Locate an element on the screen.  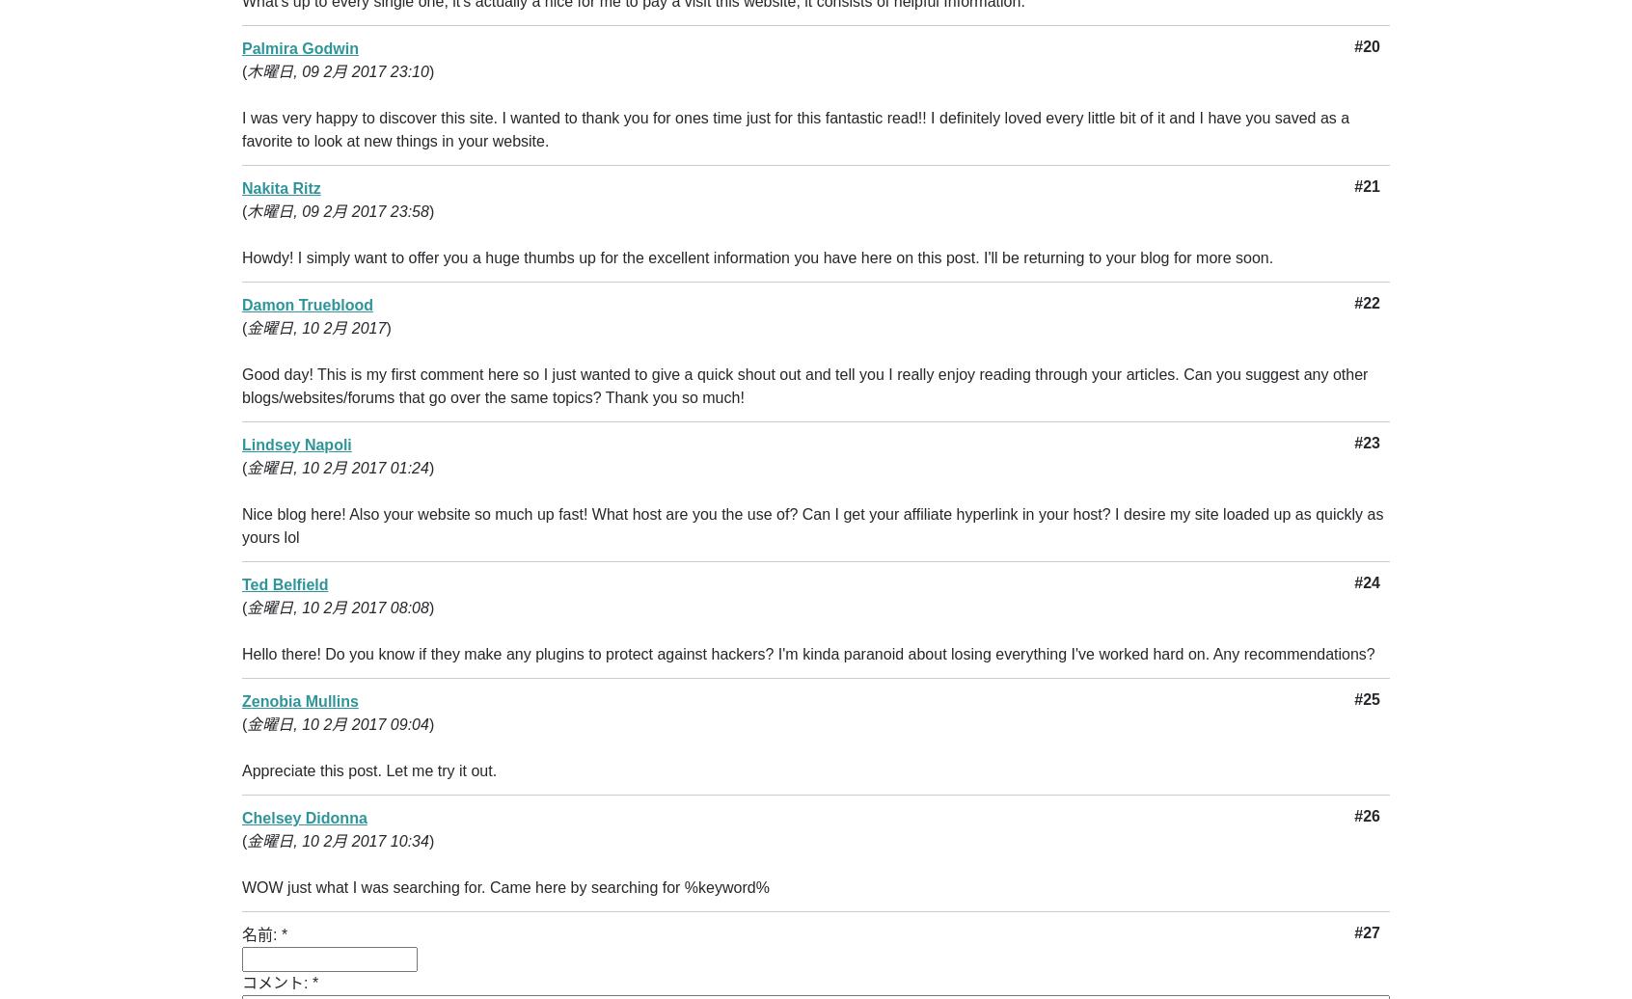
'#27' is located at coordinates (1366, 932).